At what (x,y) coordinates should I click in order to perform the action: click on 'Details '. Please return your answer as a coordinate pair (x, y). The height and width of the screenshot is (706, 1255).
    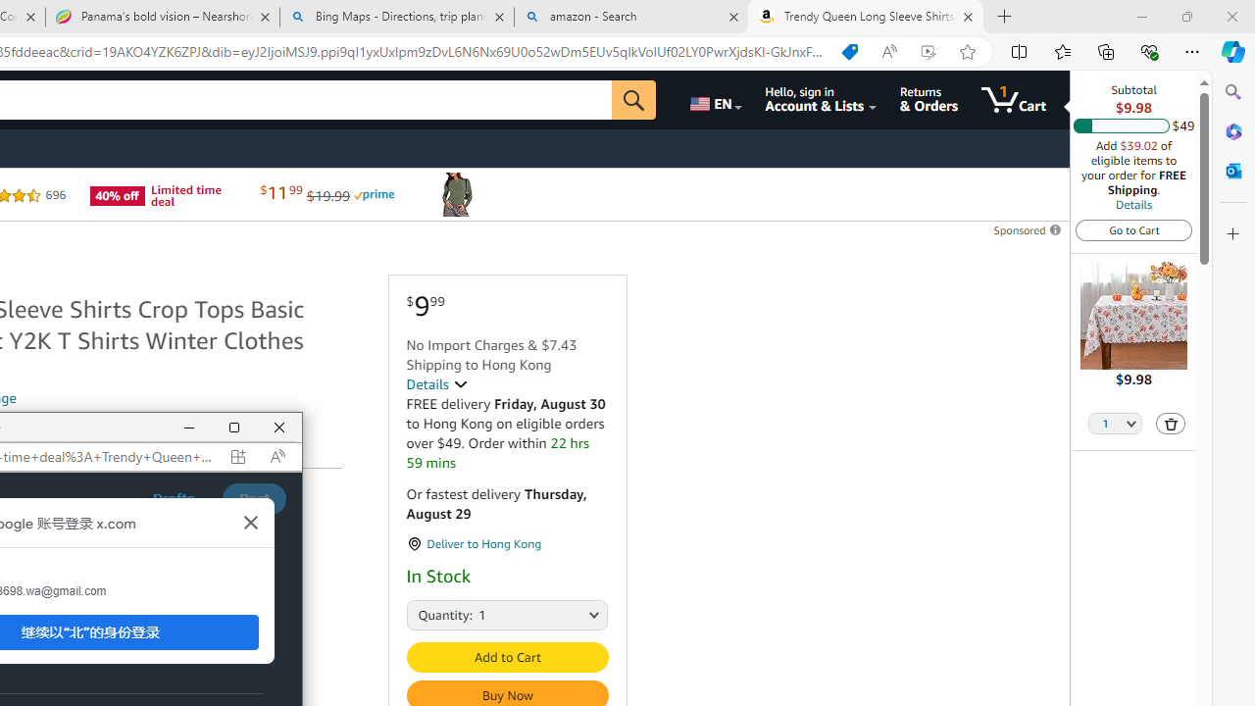
    Looking at the image, I should click on (435, 384).